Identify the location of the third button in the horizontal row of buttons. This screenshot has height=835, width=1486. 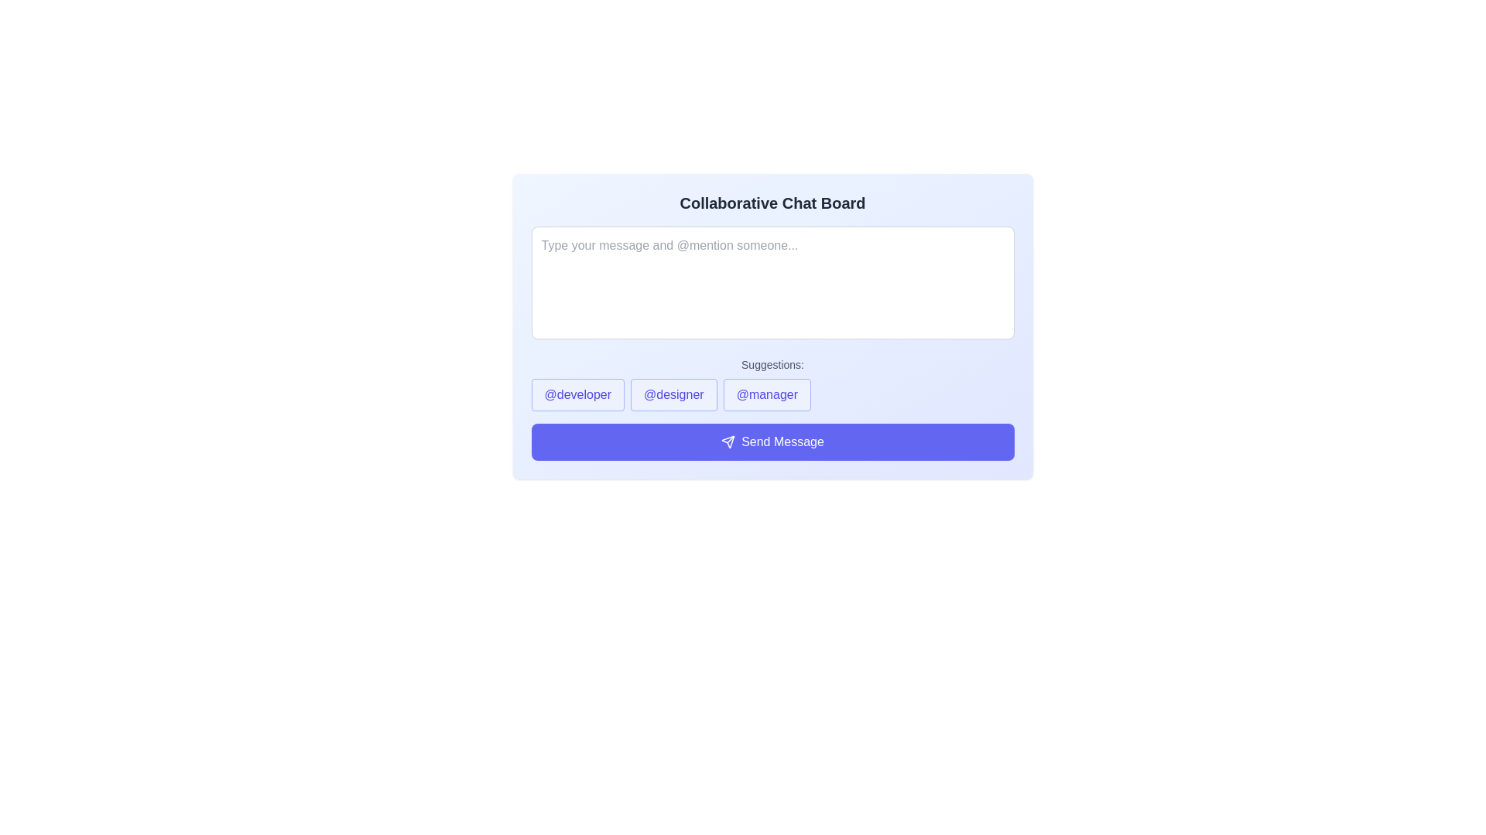
(767, 394).